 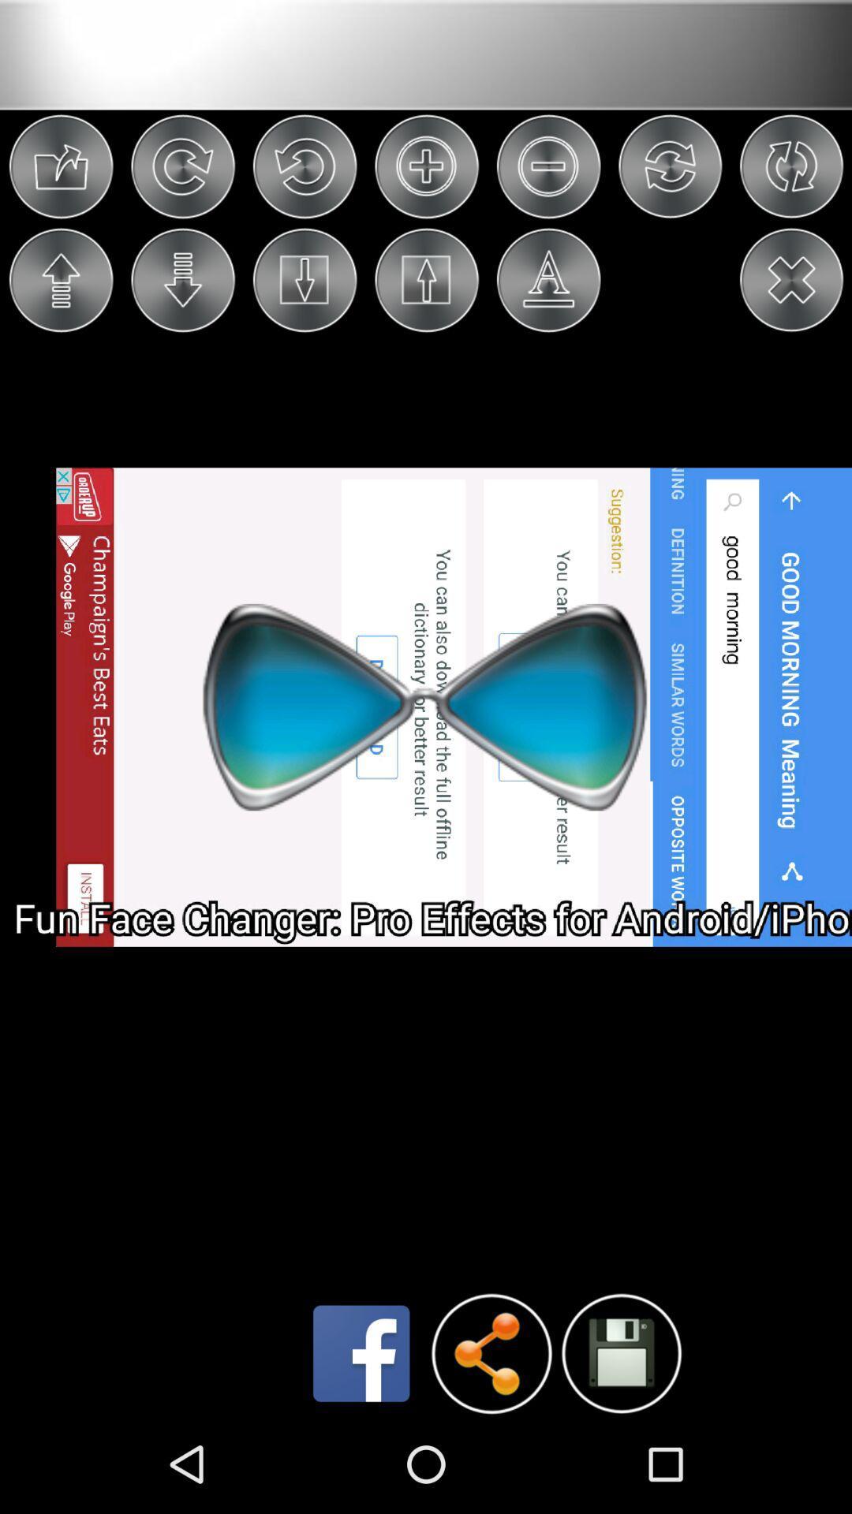 What do you see at coordinates (361, 1449) in the screenshot?
I see `the facebook icon` at bounding box center [361, 1449].